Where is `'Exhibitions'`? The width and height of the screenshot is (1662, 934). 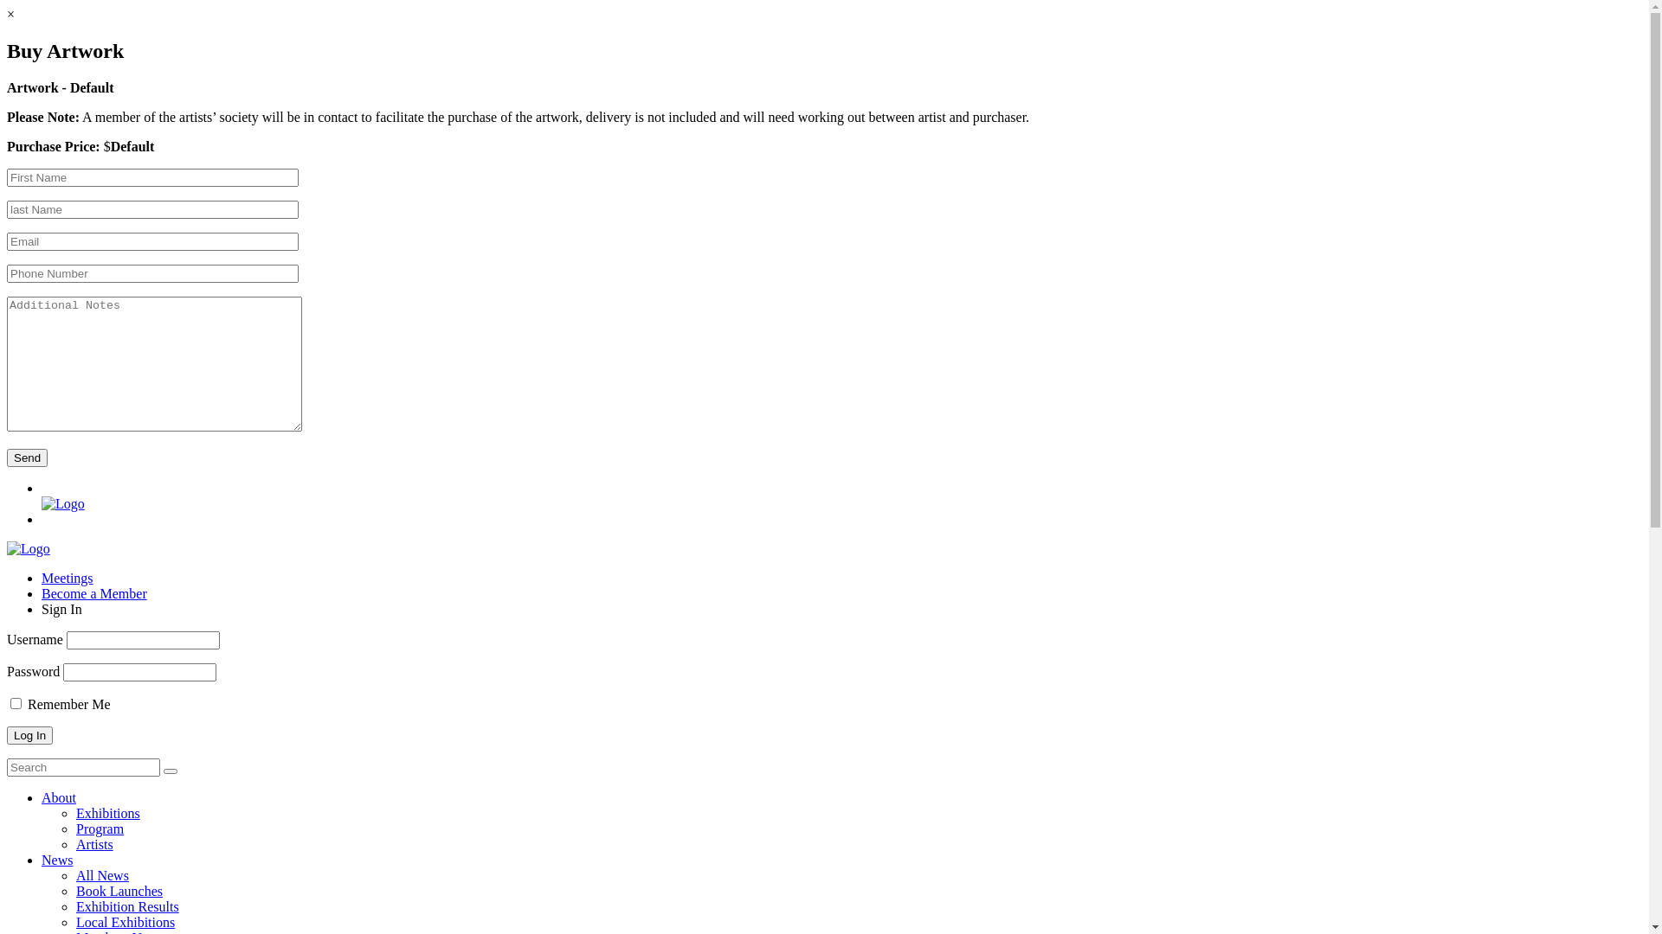
'Exhibitions' is located at coordinates (106, 813).